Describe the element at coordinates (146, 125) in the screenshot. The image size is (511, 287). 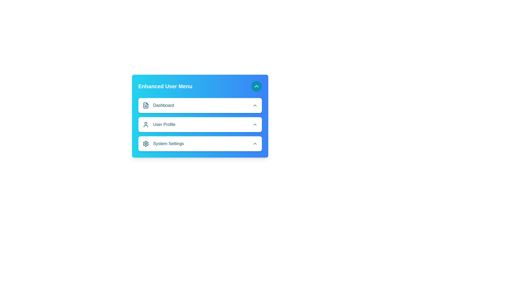
I see `the user profile menu item by clicking on the user icon, which is a cyan-colored icon of a user located to the left of the 'User Profile' text in the second item of the vertical menu` at that location.